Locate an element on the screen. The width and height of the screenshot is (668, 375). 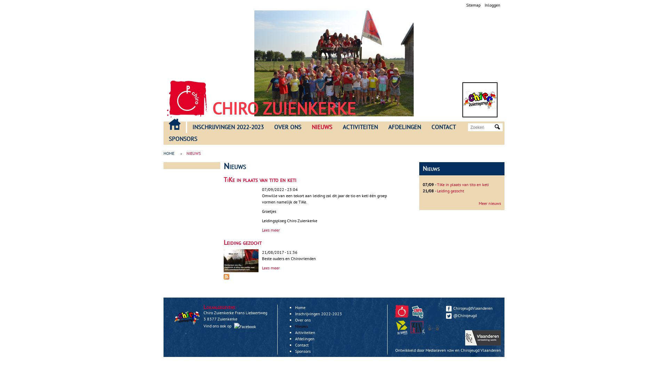
'Twitter' is located at coordinates (449, 316).